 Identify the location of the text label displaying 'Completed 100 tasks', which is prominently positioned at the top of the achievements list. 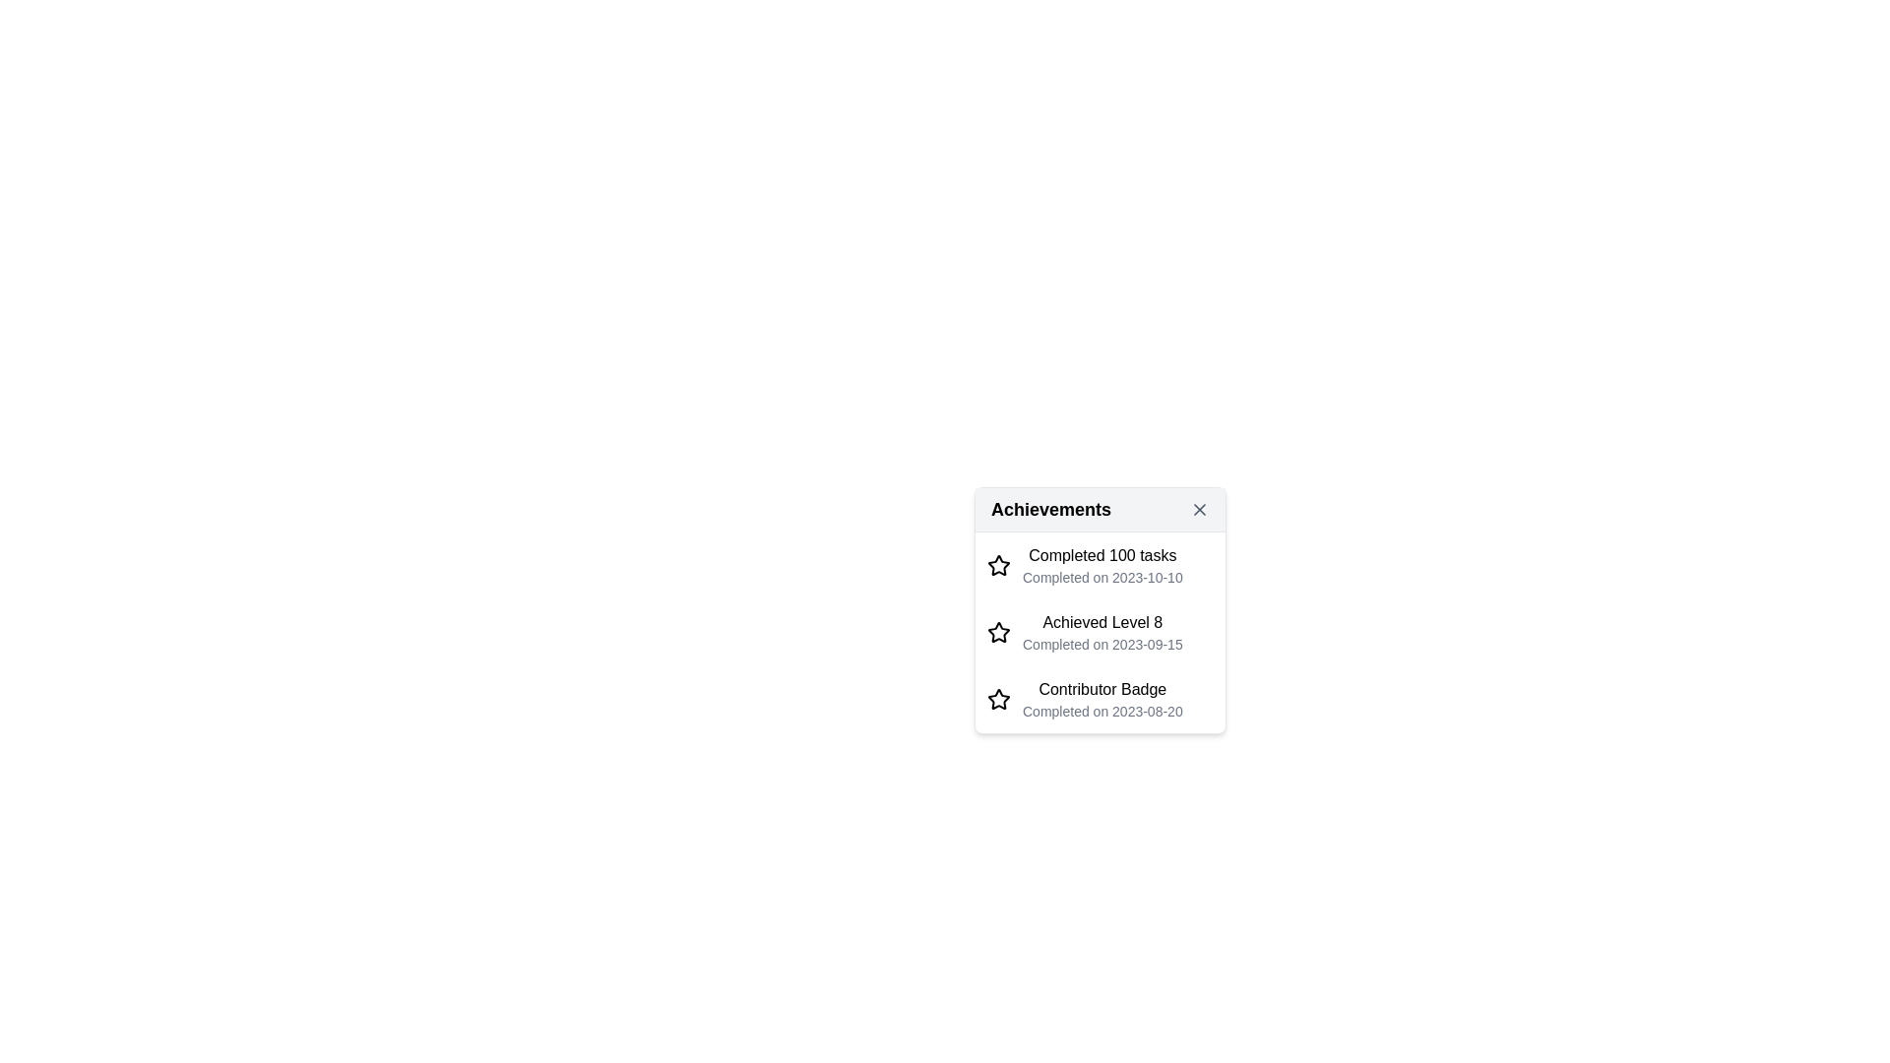
(1102, 555).